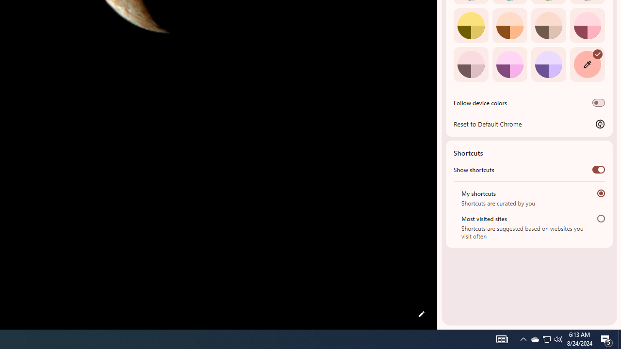  Describe the element at coordinates (421, 314) in the screenshot. I see `'Customize this page'` at that location.